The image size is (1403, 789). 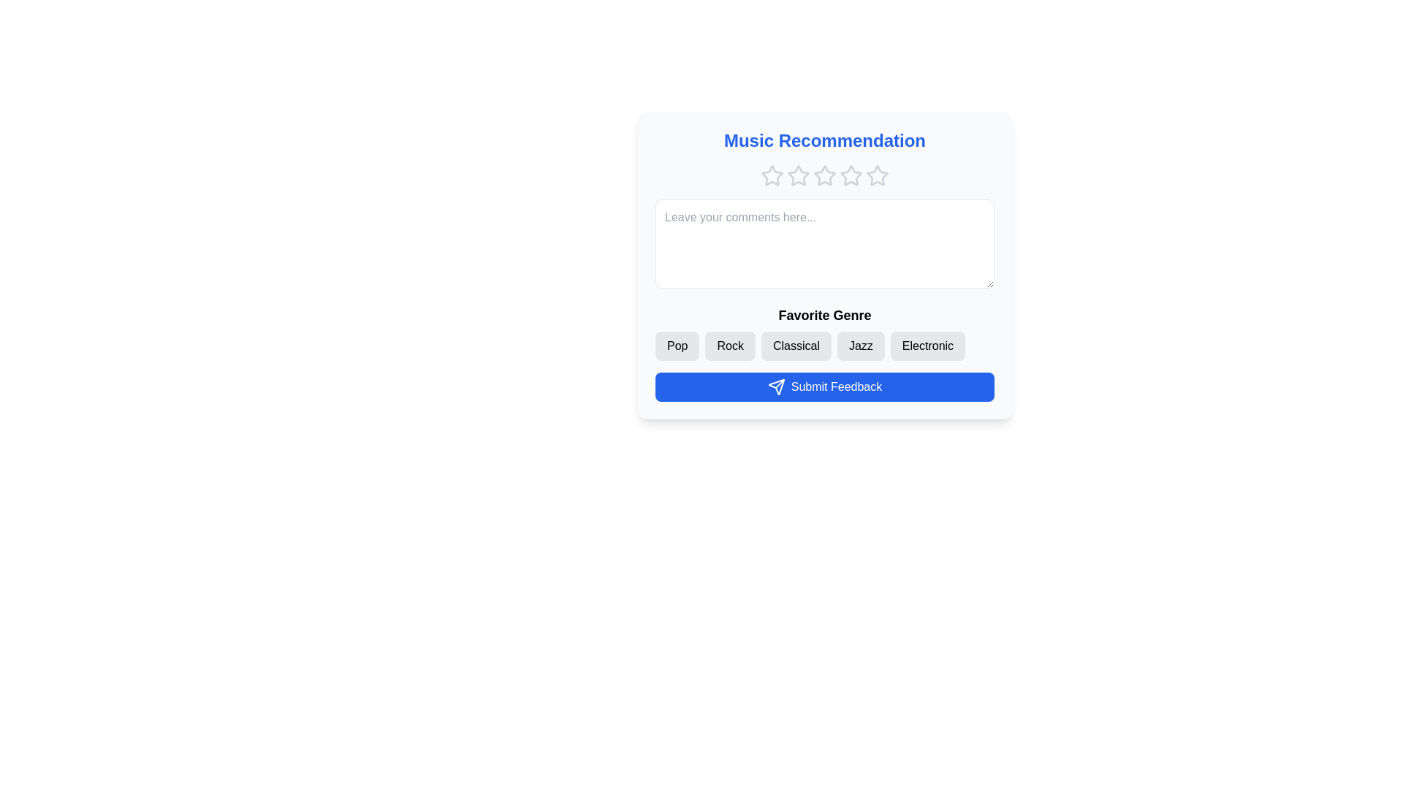 What do you see at coordinates (850, 174) in the screenshot?
I see `the third star-shaped icon with a gray outline in the 'Music Recommendation' section above the comment input box` at bounding box center [850, 174].